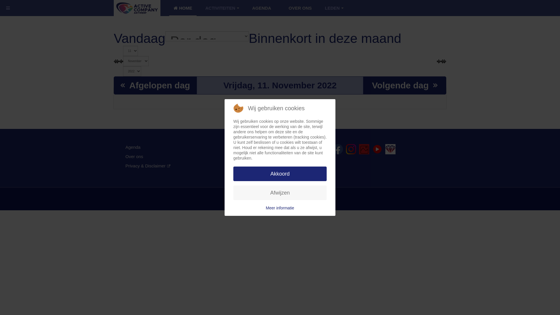 This screenshot has width=560, height=315. Describe the element at coordinates (325, 38) in the screenshot. I see `'Binnenkort in deze maand'` at that location.